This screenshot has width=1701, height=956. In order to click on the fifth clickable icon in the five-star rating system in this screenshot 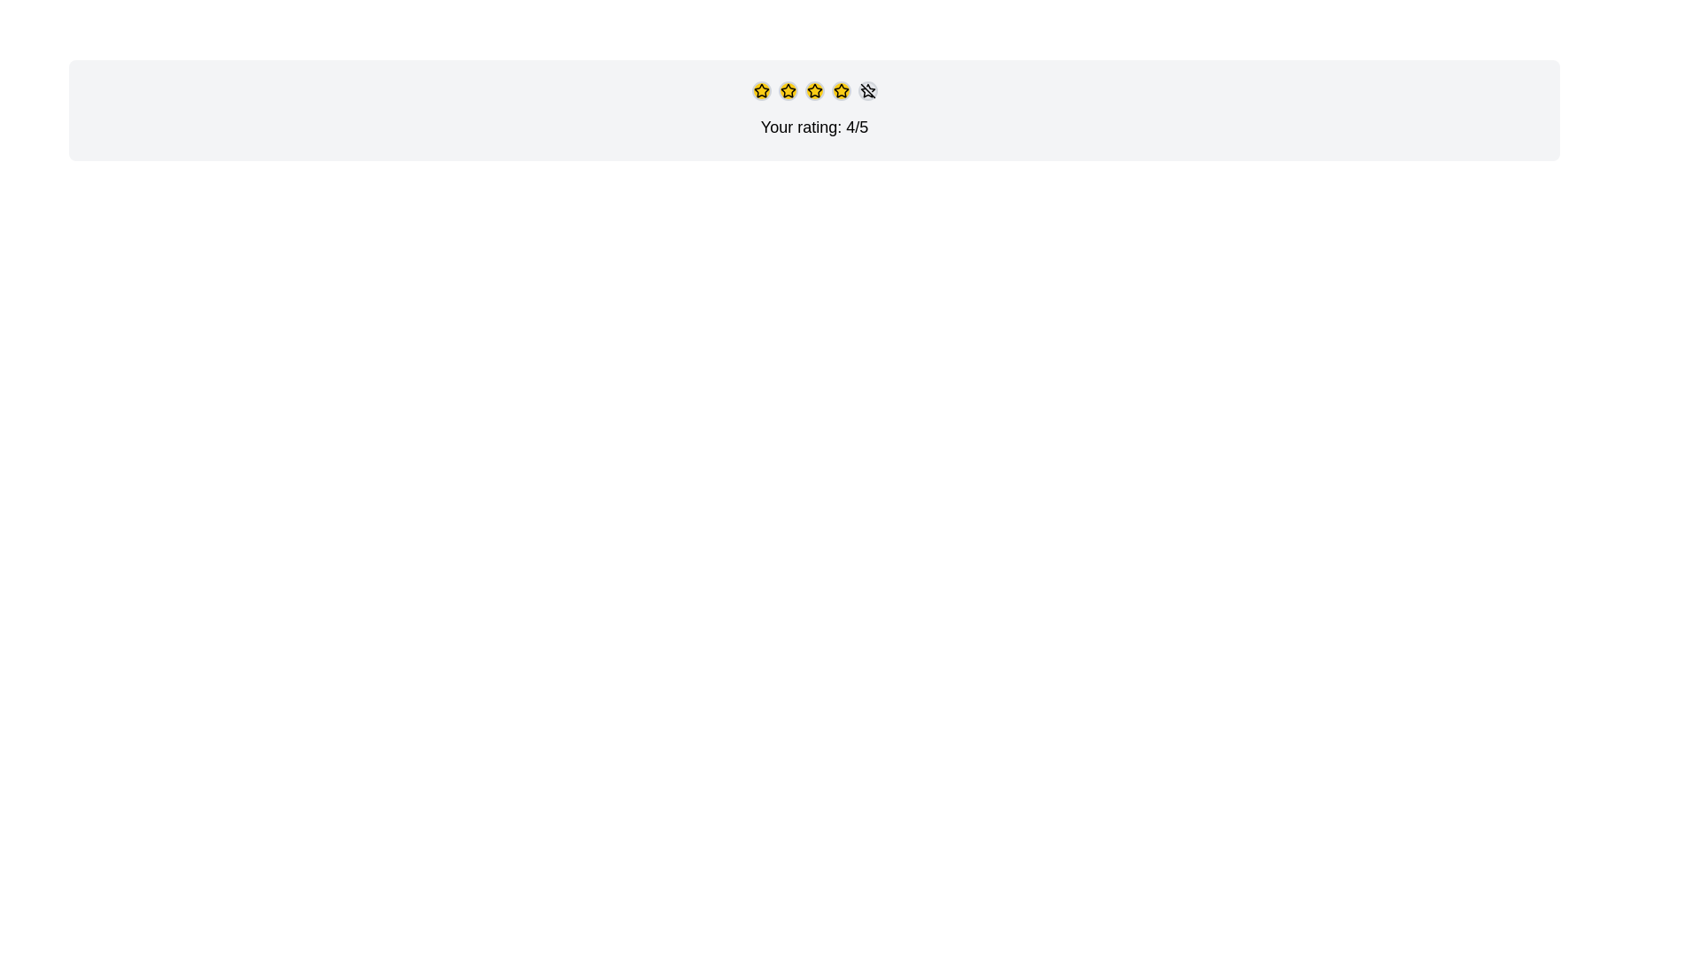, I will do `click(867, 91)`.